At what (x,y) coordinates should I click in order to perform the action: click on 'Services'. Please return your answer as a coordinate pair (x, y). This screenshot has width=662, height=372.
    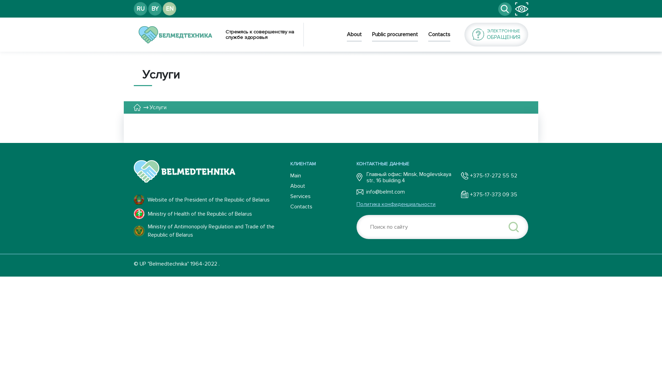
    Looking at the image, I should click on (323, 196).